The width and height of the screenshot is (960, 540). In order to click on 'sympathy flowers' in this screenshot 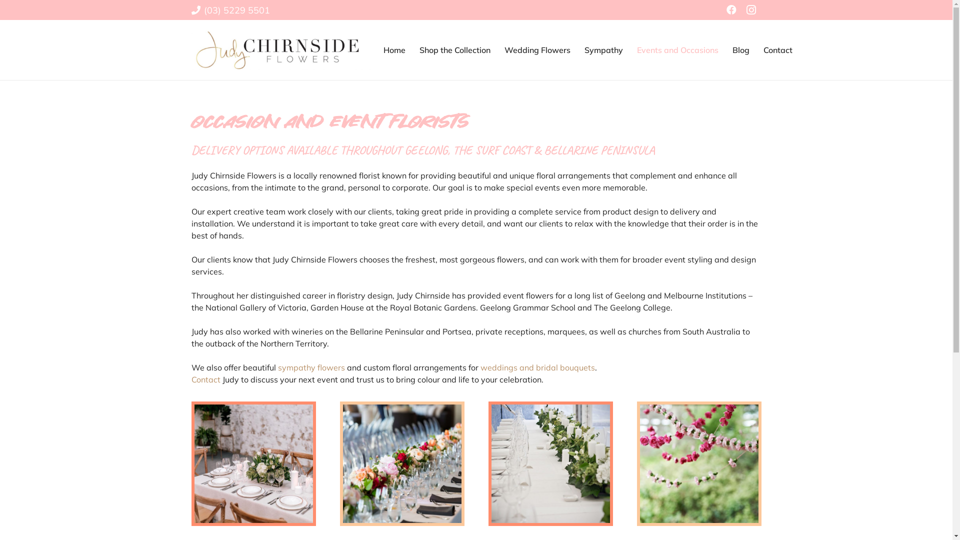, I will do `click(311, 367)`.